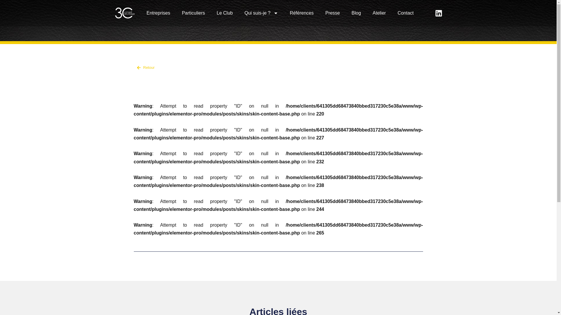 This screenshot has height=315, width=561. Describe the element at coordinates (224, 13) in the screenshot. I see `'Le Club'` at that location.